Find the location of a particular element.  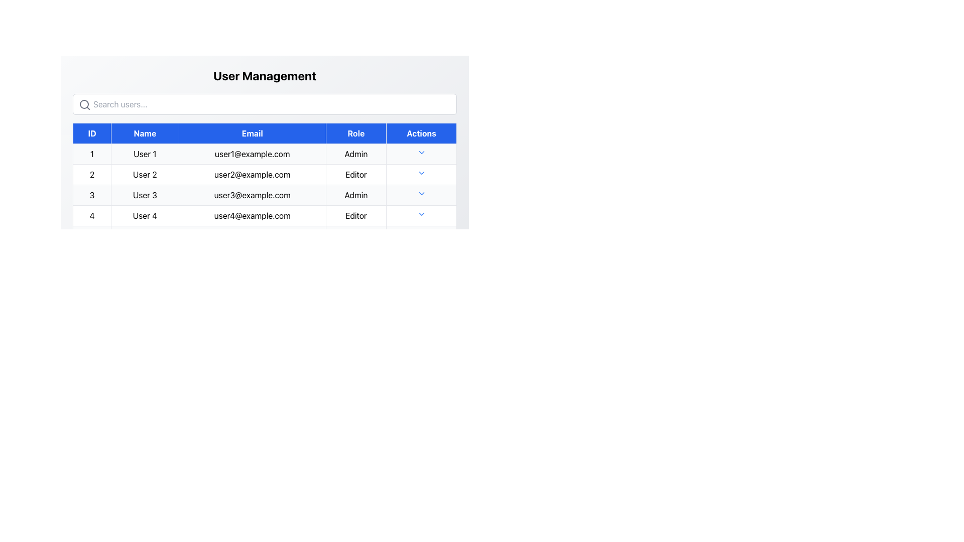

the text displayed in the Table Cell indicating the role of 'User 3', which shows 'Admin' privileges located in the fourth column under the 'Role' header is located at coordinates (356, 195).